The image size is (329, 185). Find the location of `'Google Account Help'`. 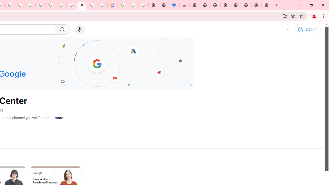

'Google Account Help' is located at coordinates (61, 5).